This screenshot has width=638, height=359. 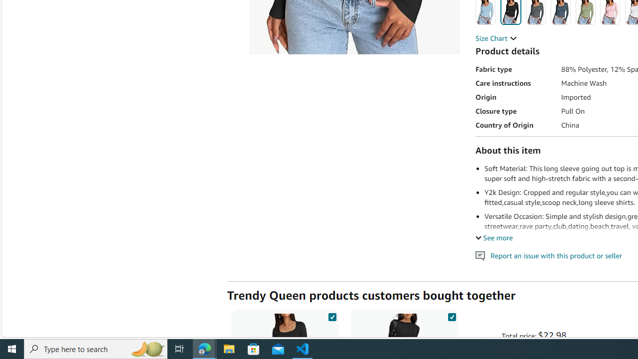 What do you see at coordinates (332, 315) in the screenshot?
I see `'AutomationID: thematicBundleCheck-1'` at bounding box center [332, 315].